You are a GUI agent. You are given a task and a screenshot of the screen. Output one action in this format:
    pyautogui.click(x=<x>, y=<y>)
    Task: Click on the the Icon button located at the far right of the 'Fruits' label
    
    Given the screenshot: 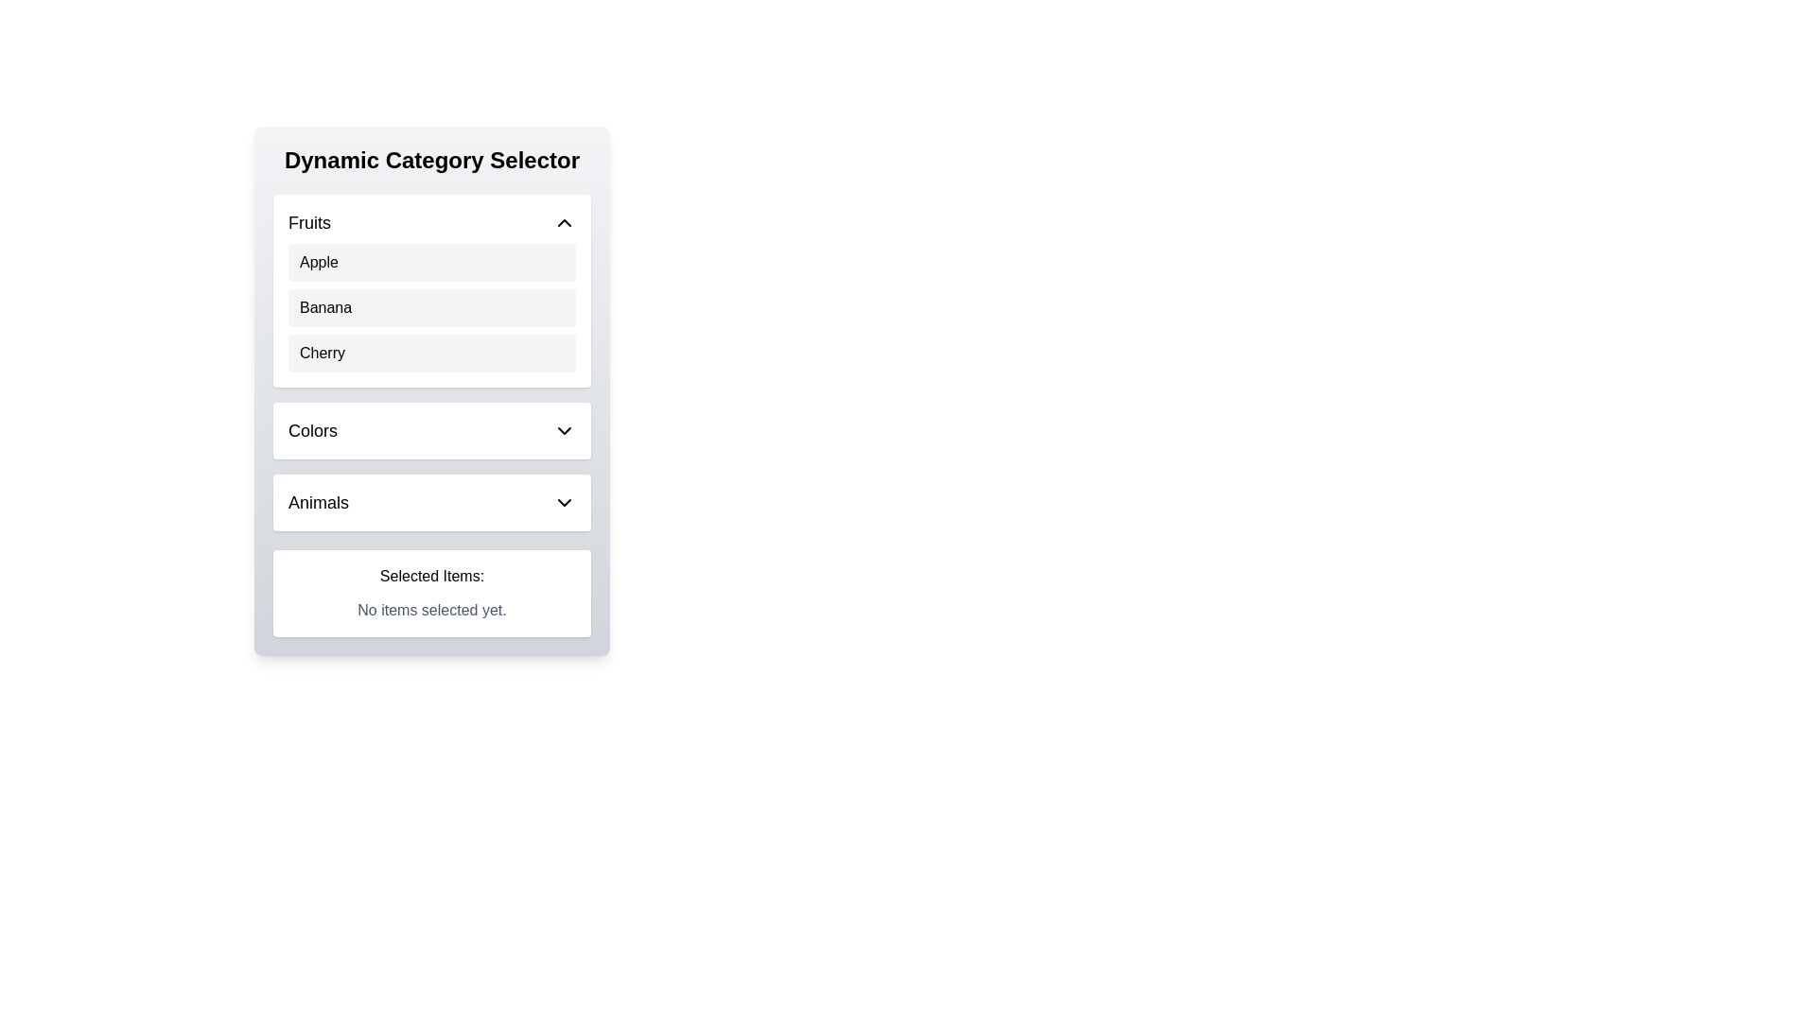 What is the action you would take?
    pyautogui.click(x=563, y=221)
    